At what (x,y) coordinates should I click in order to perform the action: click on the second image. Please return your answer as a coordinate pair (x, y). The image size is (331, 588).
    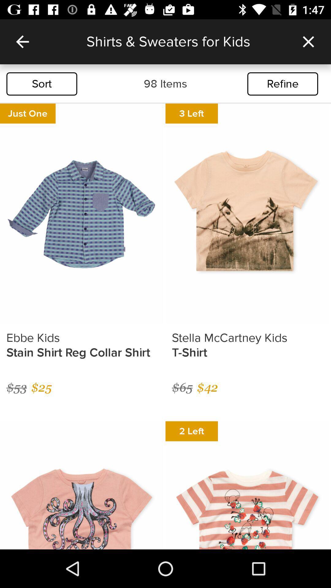
    Looking at the image, I should click on (247, 213).